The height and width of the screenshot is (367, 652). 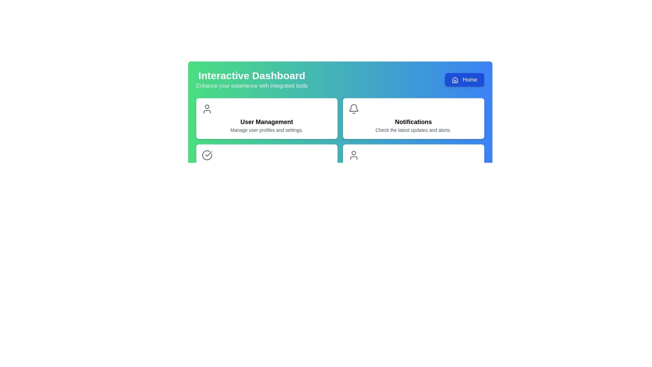 I want to click on the user profile icon located at the top-left corner of the 'Team Collaboration' card, which contains the heading 'Team Collaboration' and the description 'Collaborate with your team effectively.', so click(x=353, y=155).